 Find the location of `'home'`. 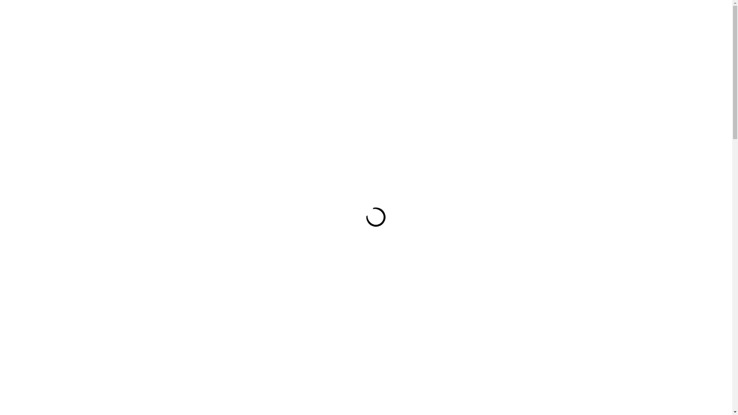

'home' is located at coordinates (199, 27).